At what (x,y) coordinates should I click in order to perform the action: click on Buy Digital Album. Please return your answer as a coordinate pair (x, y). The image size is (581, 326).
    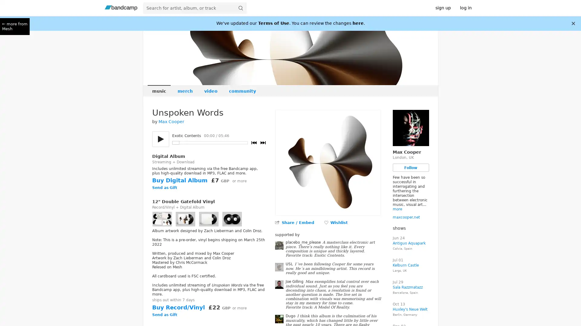
    Looking at the image, I should click on (179, 180).